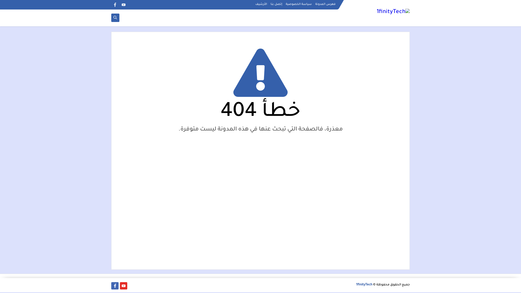  What do you see at coordinates (356, 285) in the screenshot?
I see `'1finityTech'` at bounding box center [356, 285].